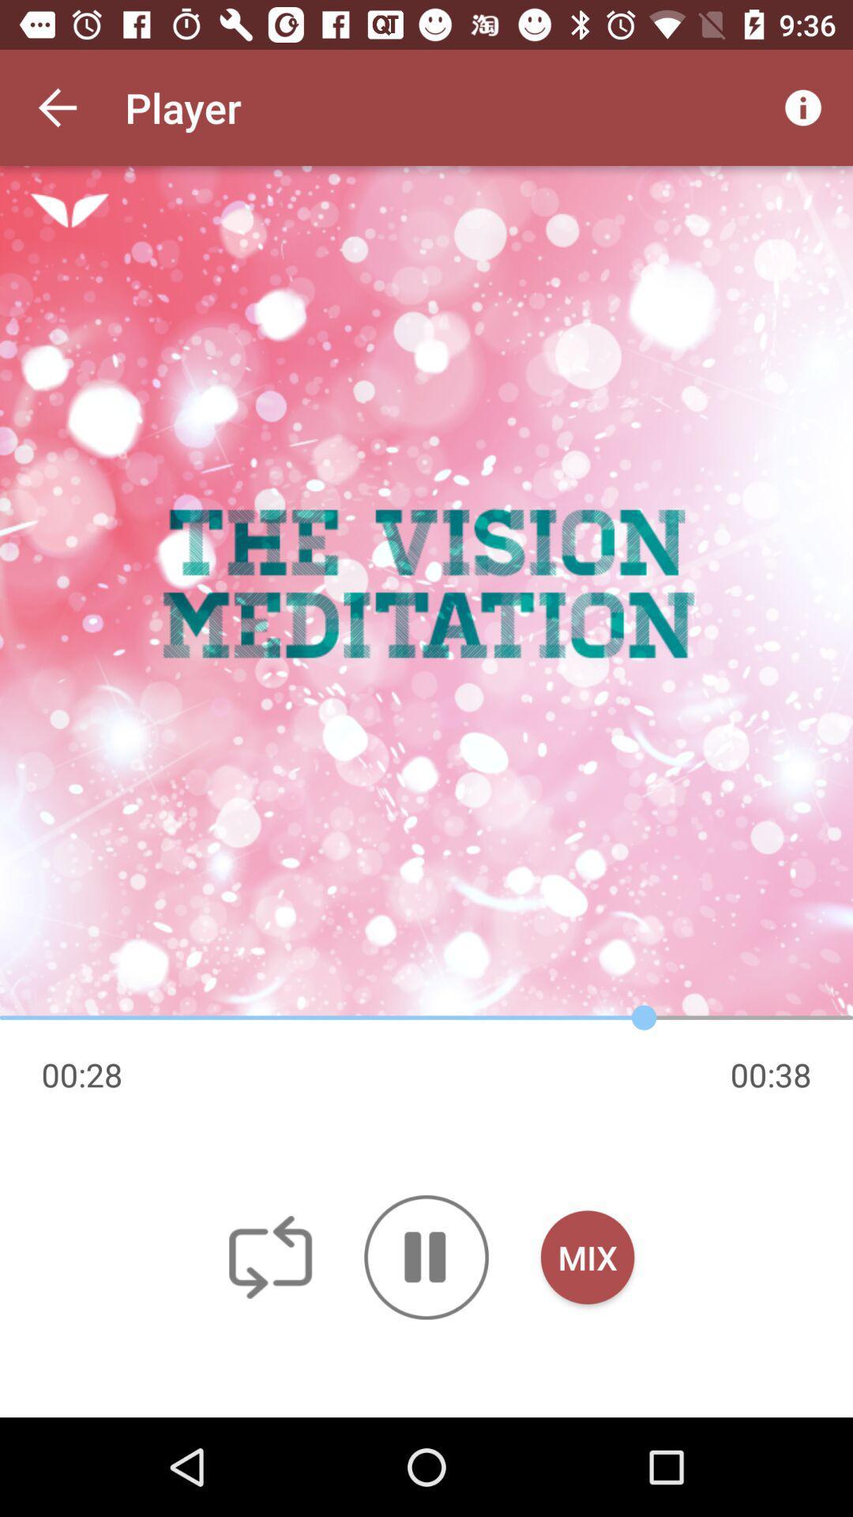 This screenshot has width=853, height=1517. I want to click on the mix icon, so click(588, 1256).